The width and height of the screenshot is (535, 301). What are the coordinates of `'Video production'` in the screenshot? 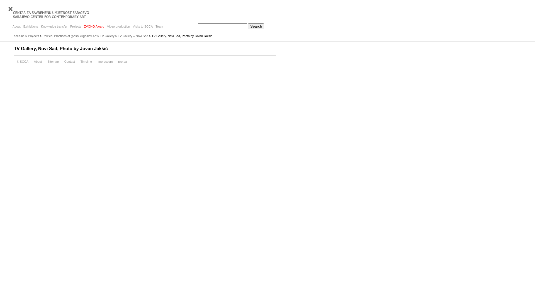 It's located at (118, 26).